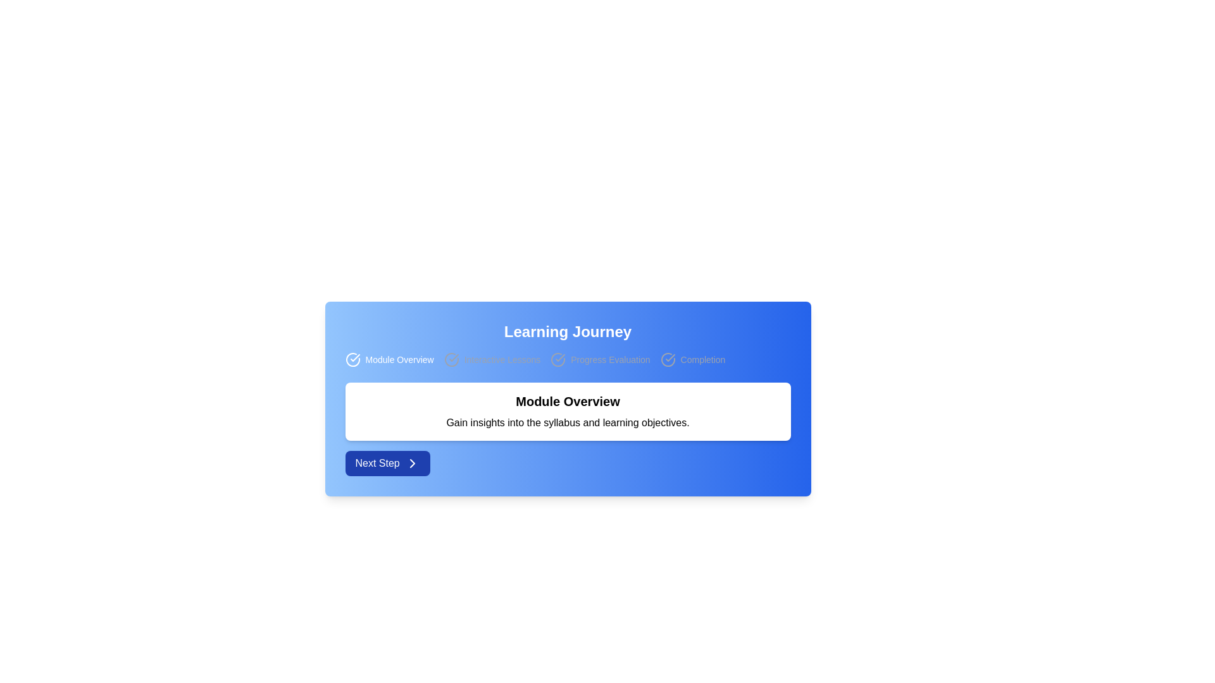  Describe the element at coordinates (567, 360) in the screenshot. I see `the Progress Bar located beneath the 'Learning Journey' heading` at that location.